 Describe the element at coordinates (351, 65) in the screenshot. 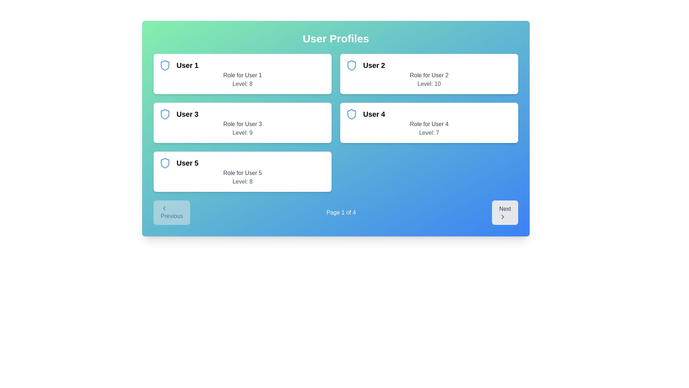

I see `the shield icon representing the security status of 'User 2' located in the upper-right quadrant of the interface` at that location.